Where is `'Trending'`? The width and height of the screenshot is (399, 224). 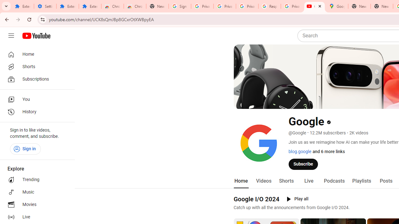 'Trending' is located at coordinates (35, 180).